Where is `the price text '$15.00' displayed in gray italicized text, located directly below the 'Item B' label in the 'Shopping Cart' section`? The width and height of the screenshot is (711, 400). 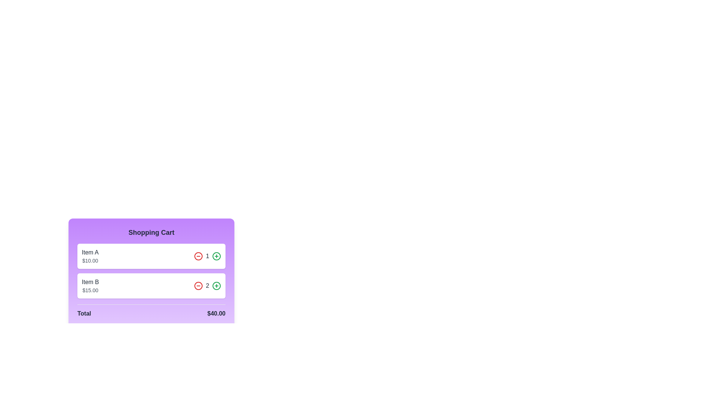 the price text '$15.00' displayed in gray italicized text, located directly below the 'Item B' label in the 'Shopping Cart' section is located at coordinates (90, 290).